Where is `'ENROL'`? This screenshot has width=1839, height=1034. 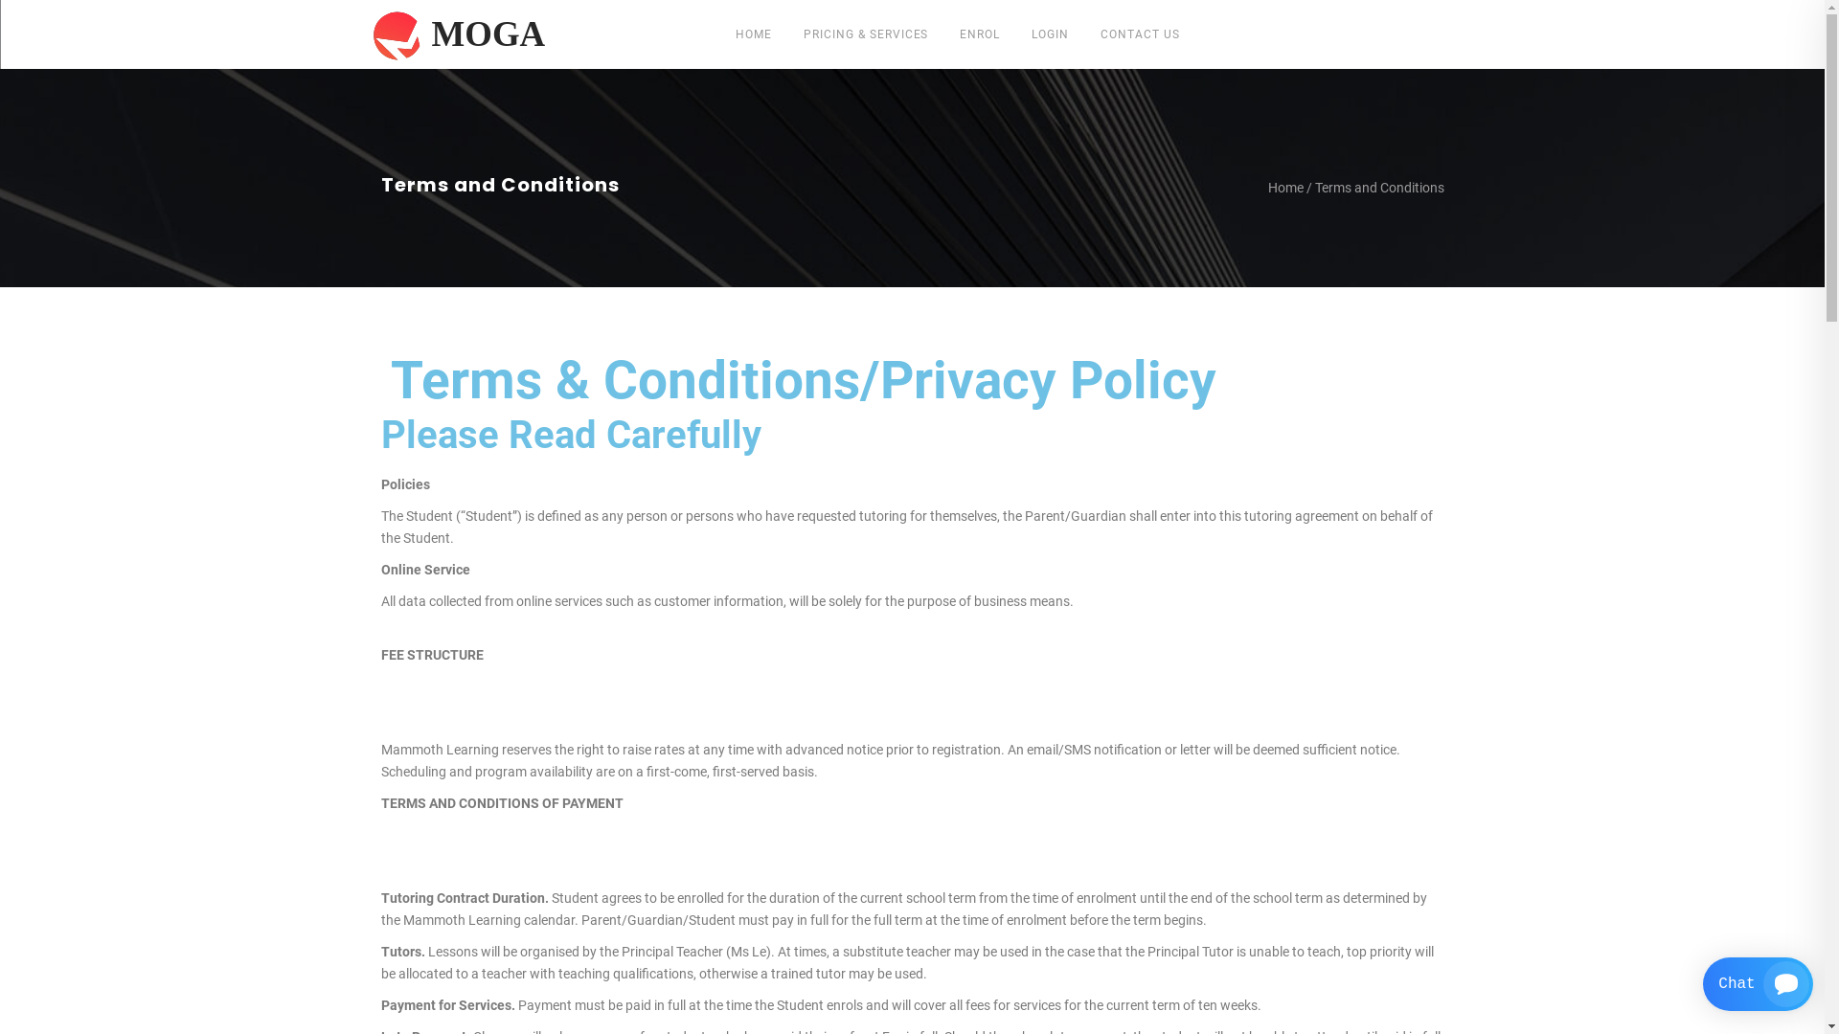 'ENROL' is located at coordinates (979, 34).